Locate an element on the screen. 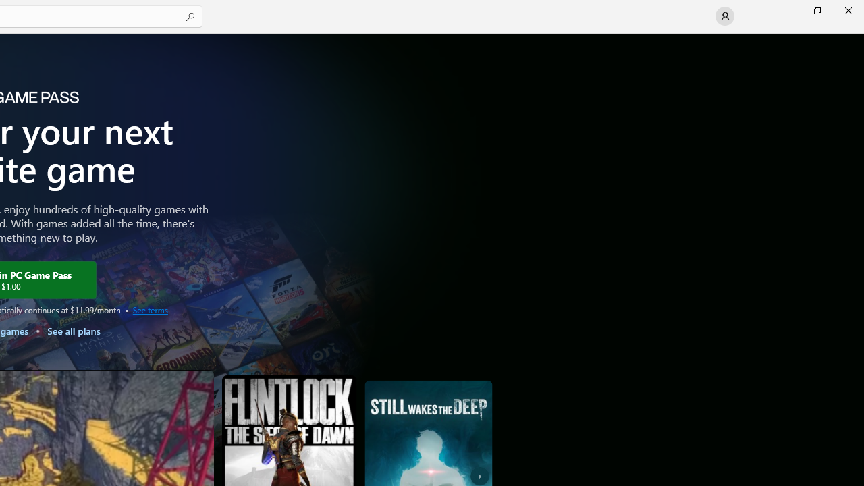 The image size is (864, 486). 'See all plans' is located at coordinates (72, 331).